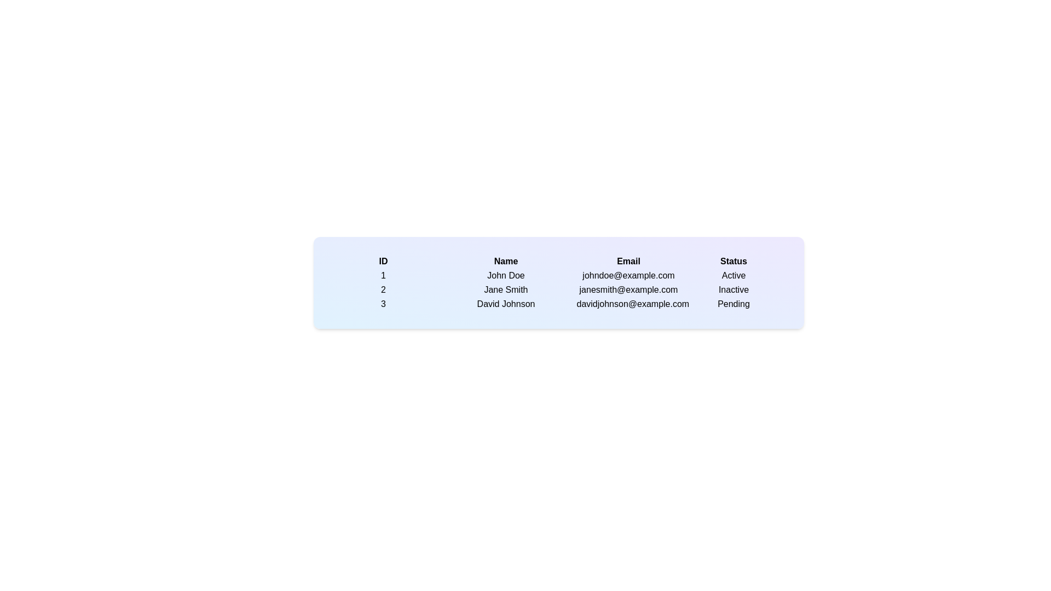 The height and width of the screenshot is (591, 1051). I want to click on the column header Status to sort or filter the table data, so click(734, 262).